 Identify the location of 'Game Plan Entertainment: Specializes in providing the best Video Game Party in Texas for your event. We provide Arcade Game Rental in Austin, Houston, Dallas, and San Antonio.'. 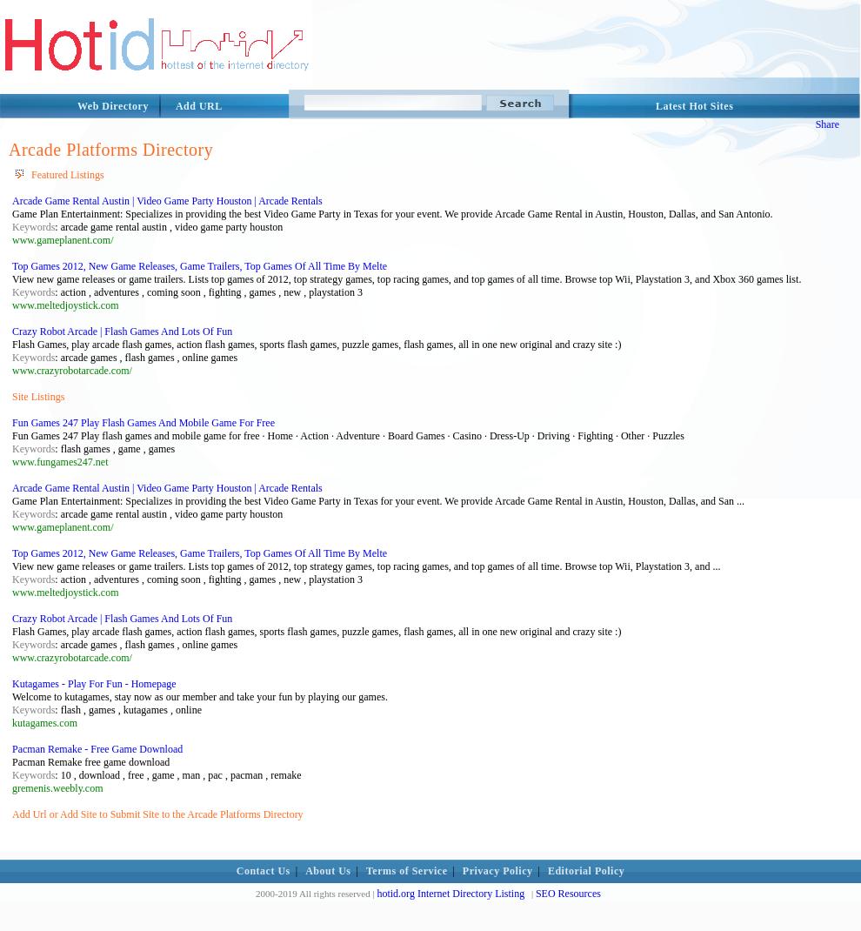
(392, 212).